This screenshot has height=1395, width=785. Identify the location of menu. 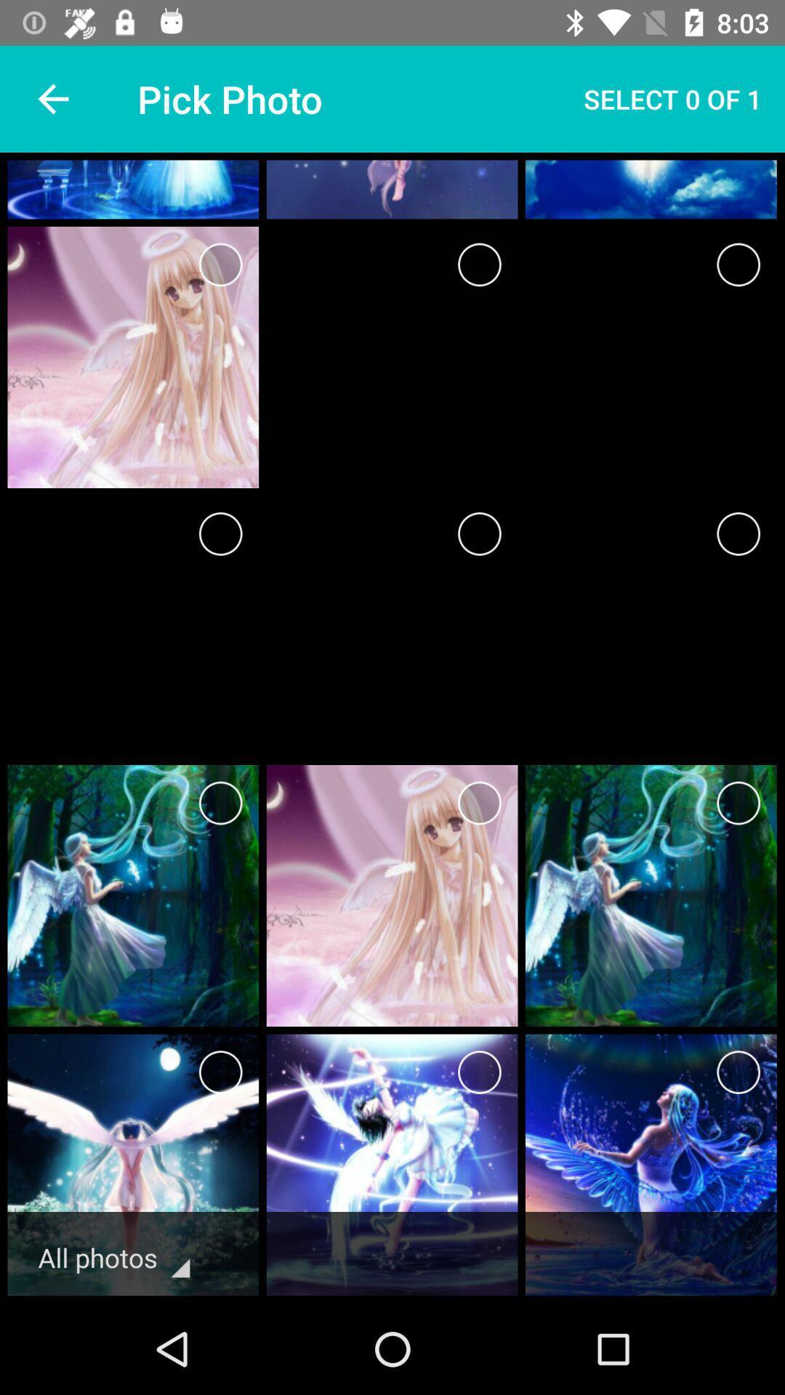
(479, 1072).